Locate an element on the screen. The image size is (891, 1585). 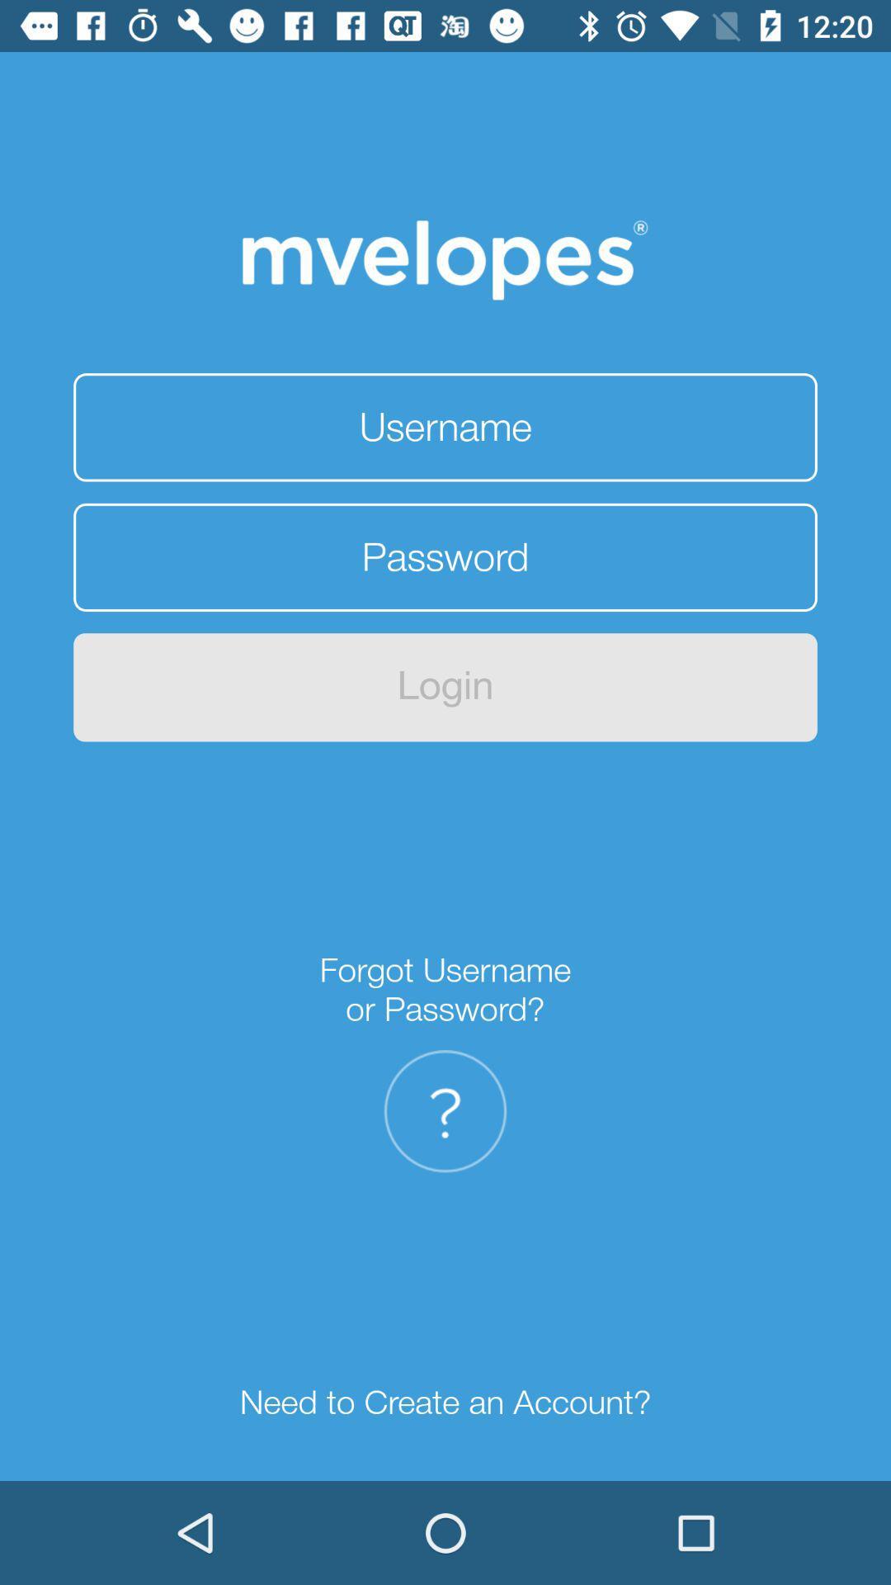
the help icon is located at coordinates (445, 1111).